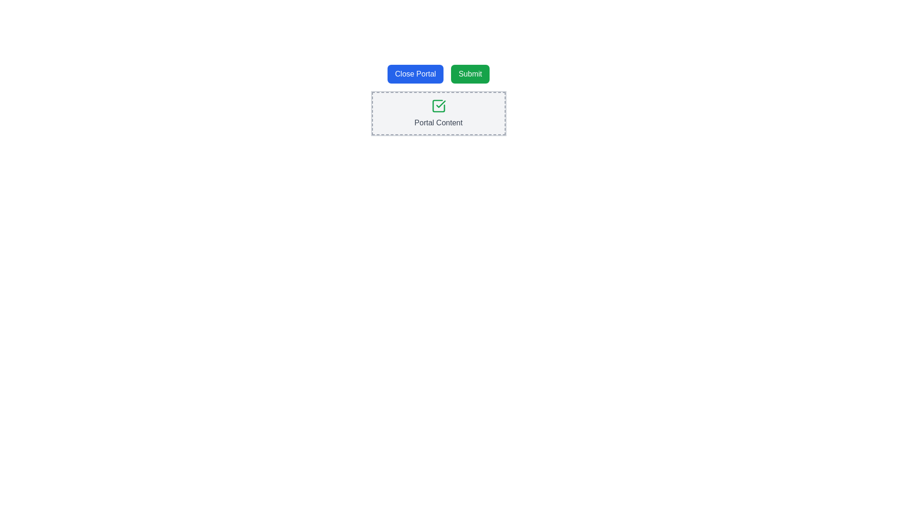 This screenshot has width=903, height=507. I want to click on the 'Submit' button, which is the rightmost interactive component in the horizontal row layout, so click(470, 74).